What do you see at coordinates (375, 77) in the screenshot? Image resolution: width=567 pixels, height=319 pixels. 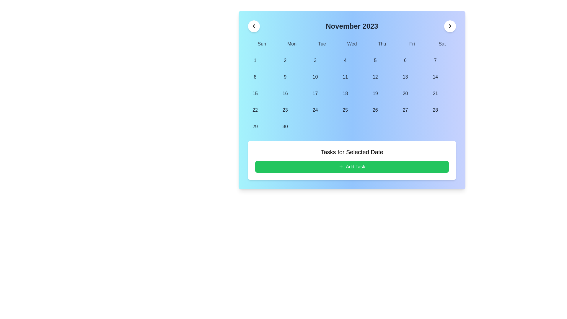 I see `the button representing the date '12' in the calendar interface` at bounding box center [375, 77].